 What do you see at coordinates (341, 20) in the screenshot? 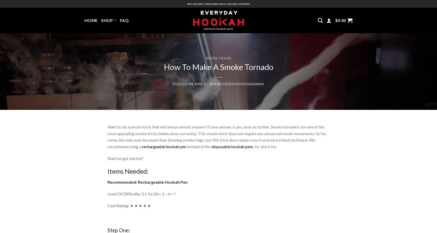
I see `'0.00'` at bounding box center [341, 20].